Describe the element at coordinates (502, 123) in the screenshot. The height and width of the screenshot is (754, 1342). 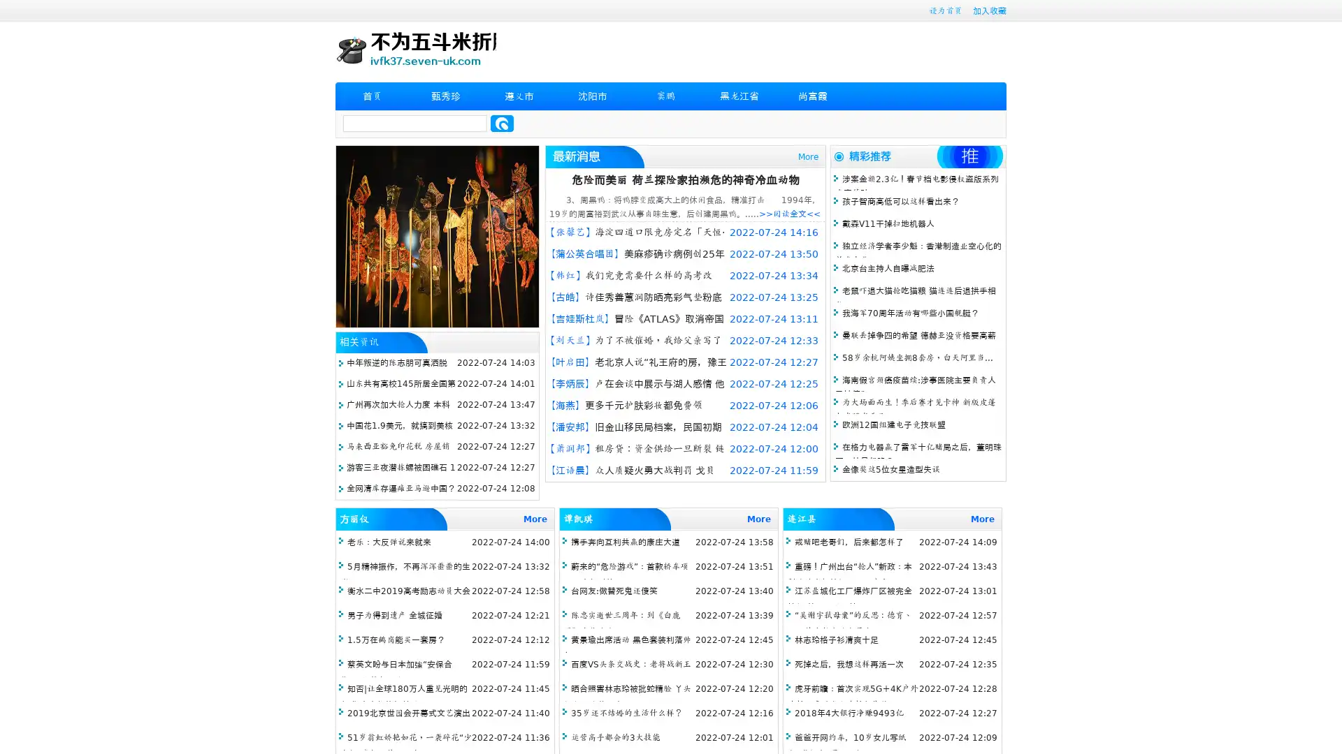
I see `Search` at that location.